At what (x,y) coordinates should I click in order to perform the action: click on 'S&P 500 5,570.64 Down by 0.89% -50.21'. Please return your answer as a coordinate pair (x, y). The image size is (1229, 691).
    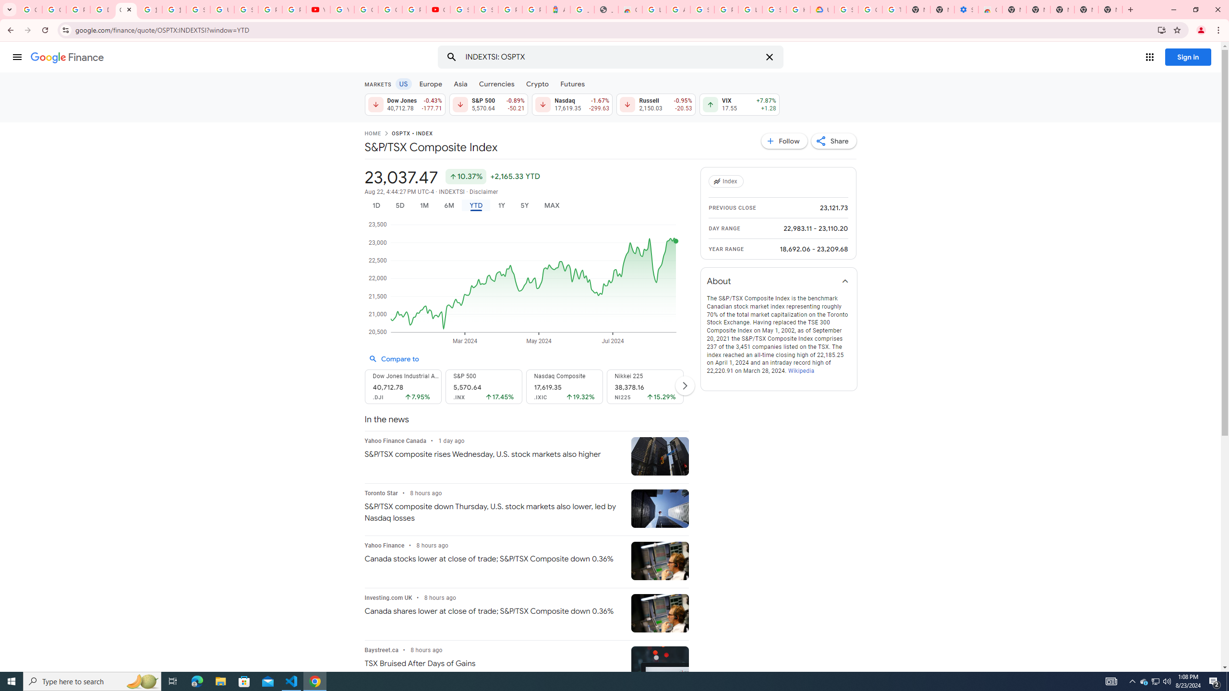
    Looking at the image, I should click on (488, 104).